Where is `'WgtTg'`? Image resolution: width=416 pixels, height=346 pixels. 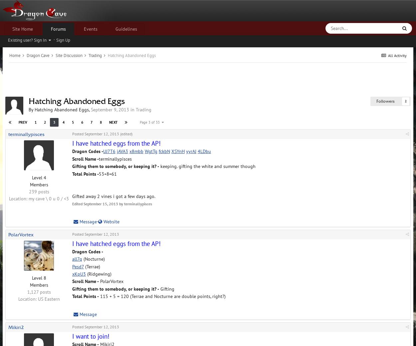 'WgtTg' is located at coordinates (151, 151).